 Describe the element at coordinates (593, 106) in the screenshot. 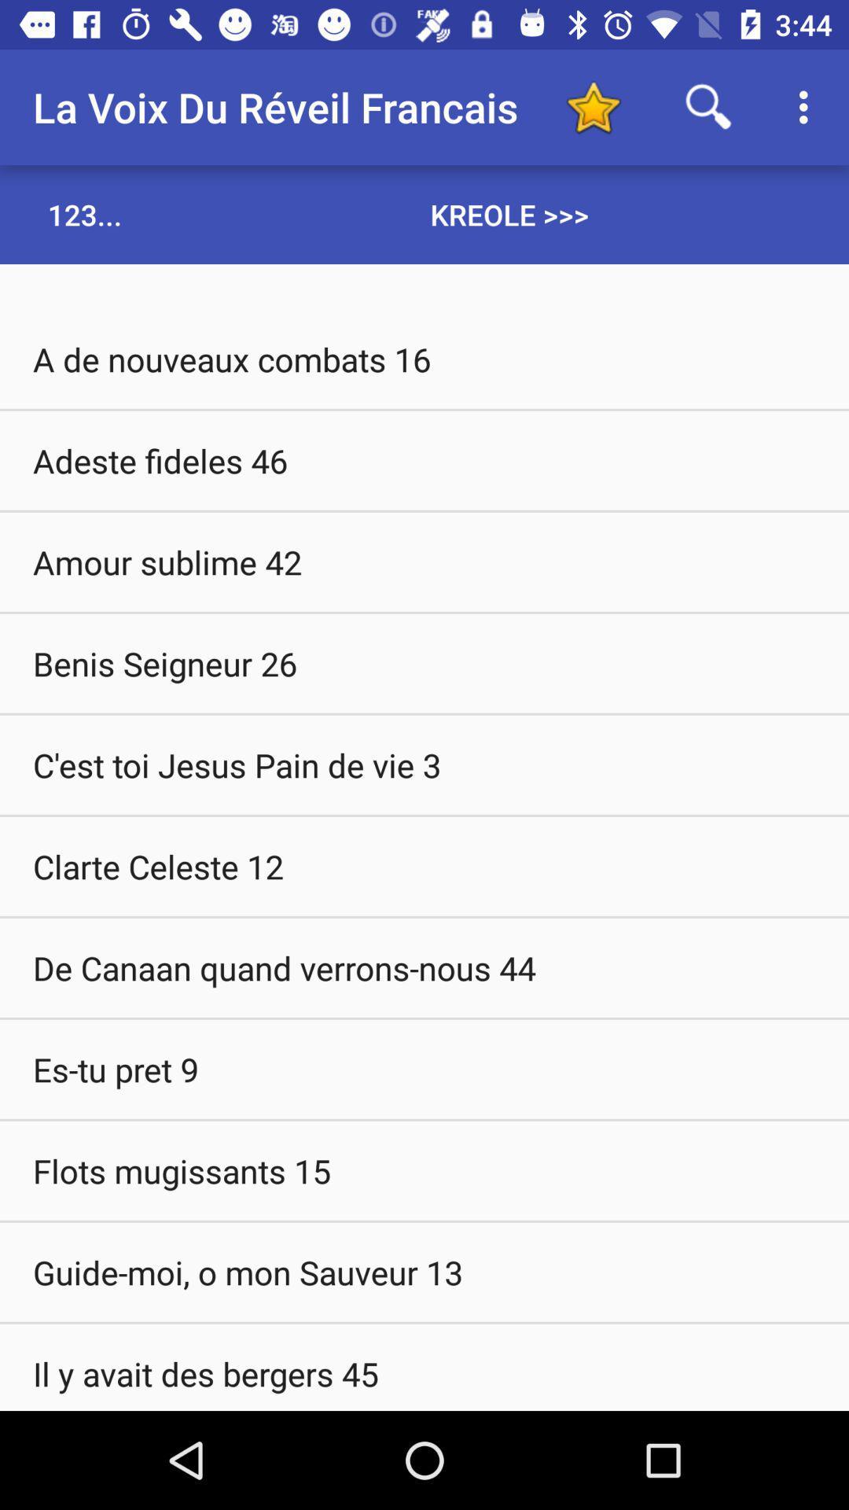

I see `to faavourite` at that location.